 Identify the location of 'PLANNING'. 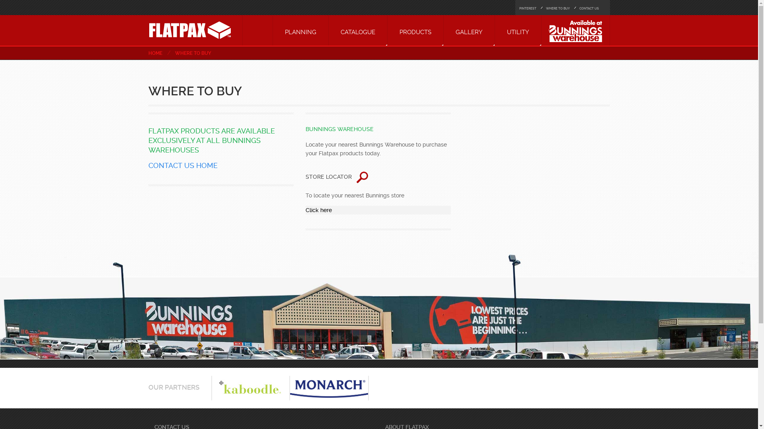
(300, 30).